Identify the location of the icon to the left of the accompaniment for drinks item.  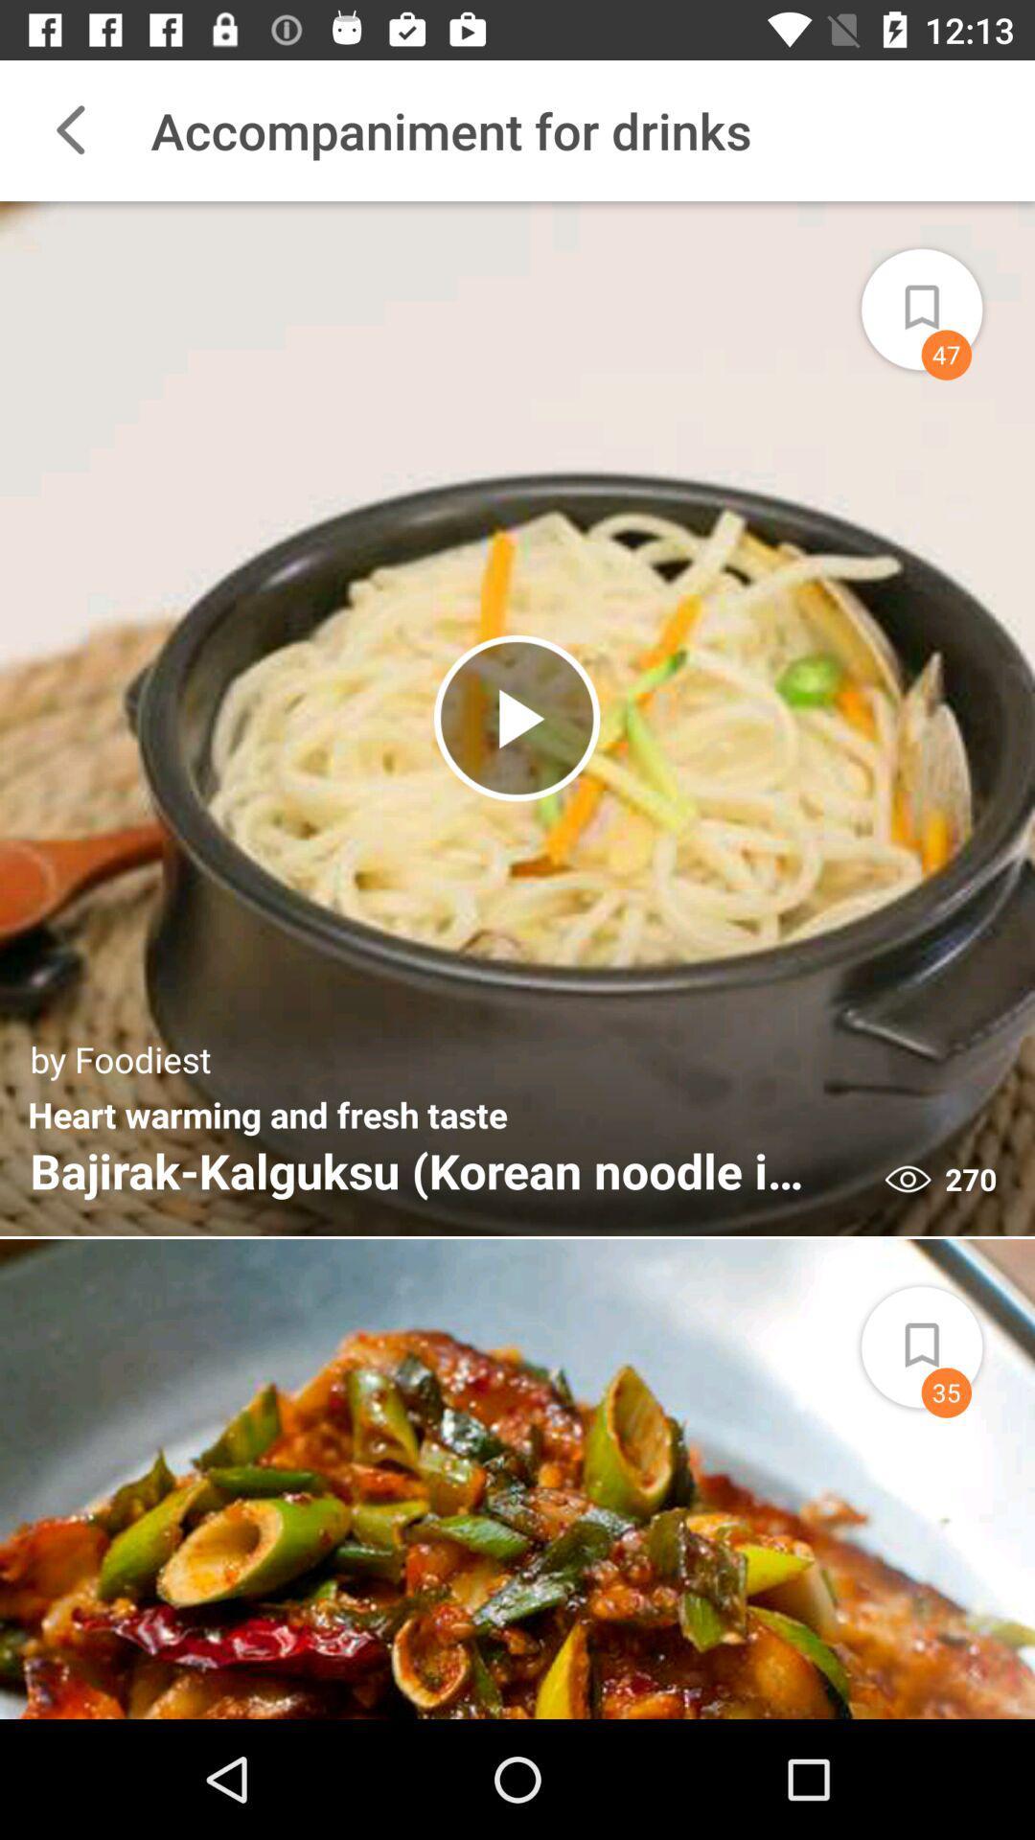
(69, 129).